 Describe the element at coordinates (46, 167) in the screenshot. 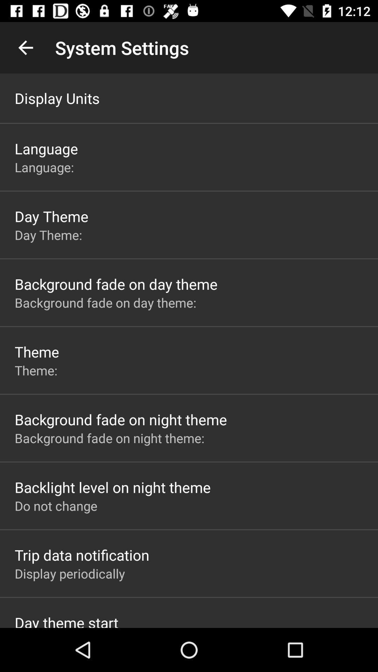

I see `the language:  item` at that location.